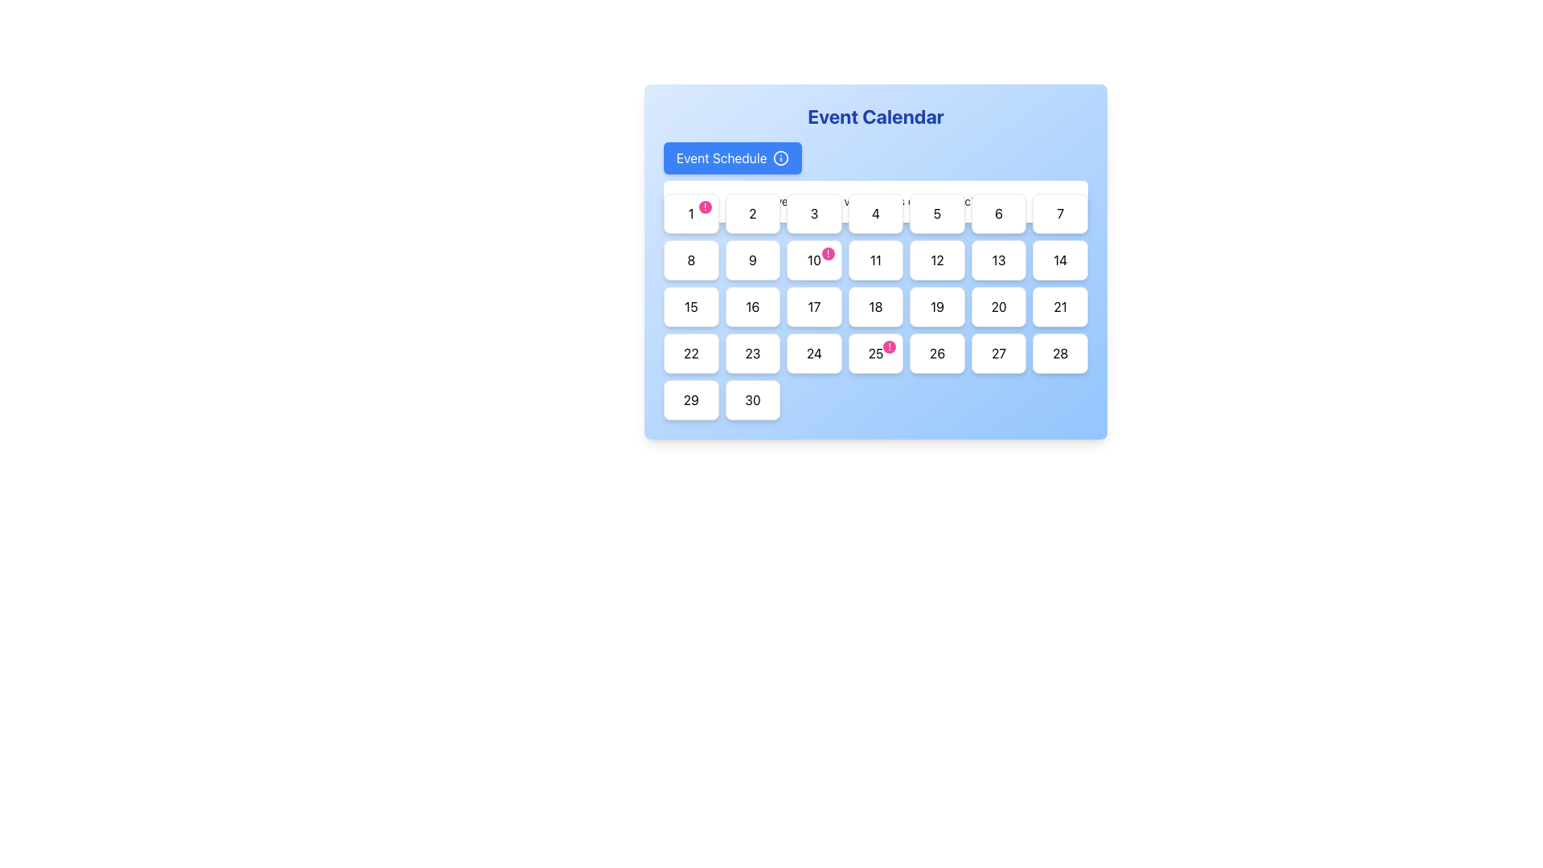 The height and width of the screenshot is (868, 1543). What do you see at coordinates (691, 399) in the screenshot?
I see `the square-shaped calendar day cell button displaying '29'` at bounding box center [691, 399].